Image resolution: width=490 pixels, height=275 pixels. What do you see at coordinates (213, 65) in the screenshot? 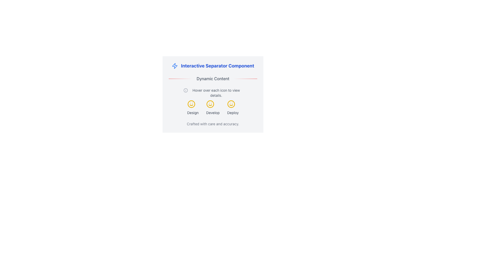
I see `the 'Interactive Separator Component' header text, which is next to a blue lightning bolt icon` at bounding box center [213, 65].